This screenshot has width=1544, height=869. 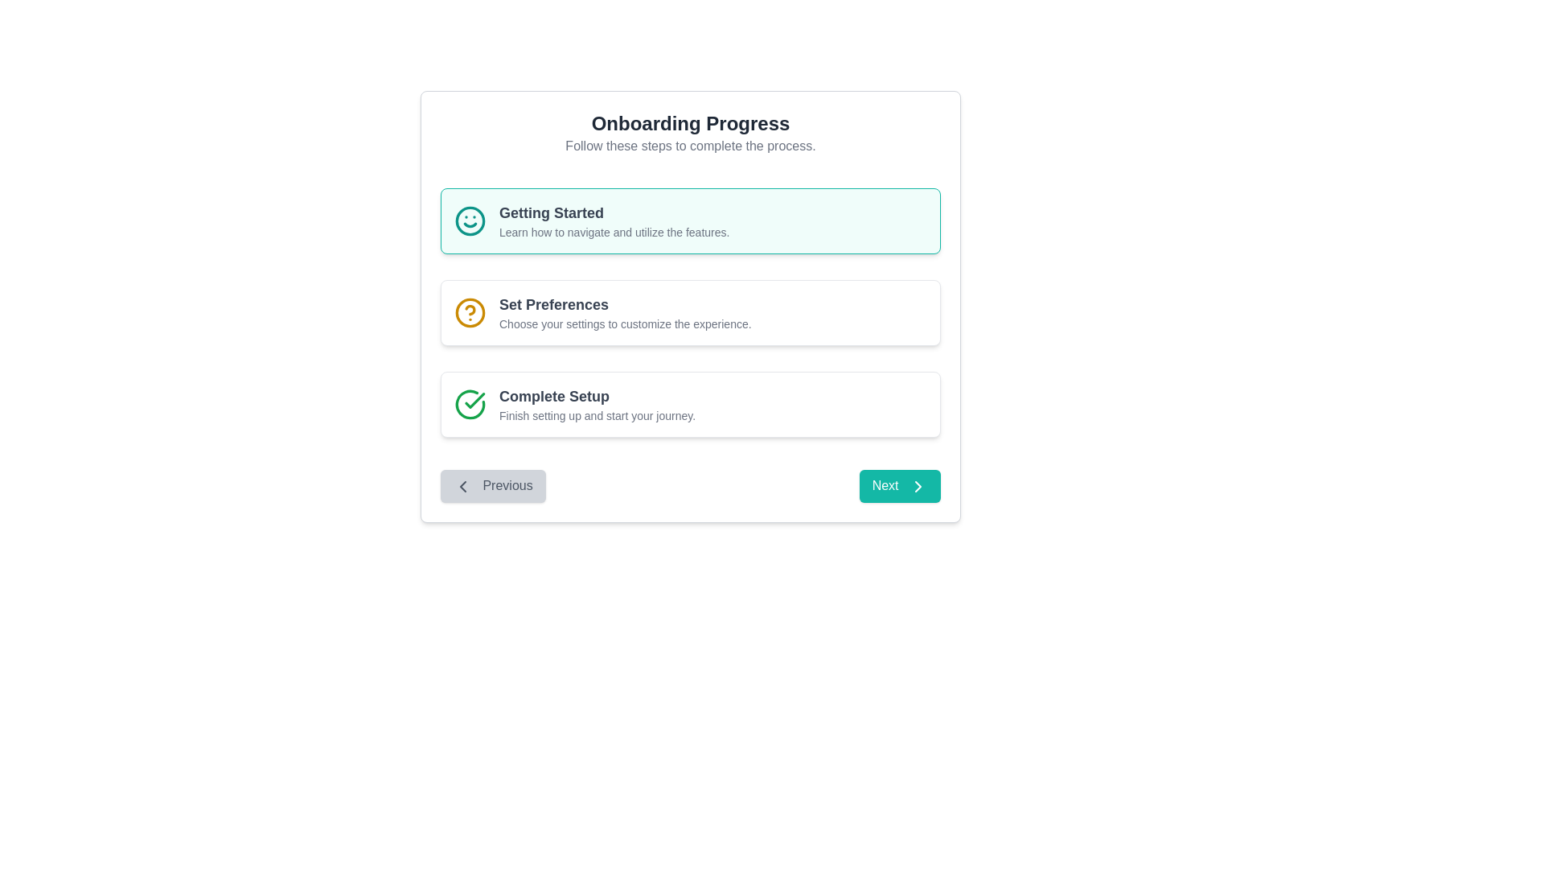 I want to click on the first informational card in the onboarding progress section, which has a soft teal background, a teal border, a smiley face icon on the left, and contains the text 'Getting Started' and 'Learn how to navigate and utilize the features.', so click(x=691, y=220).